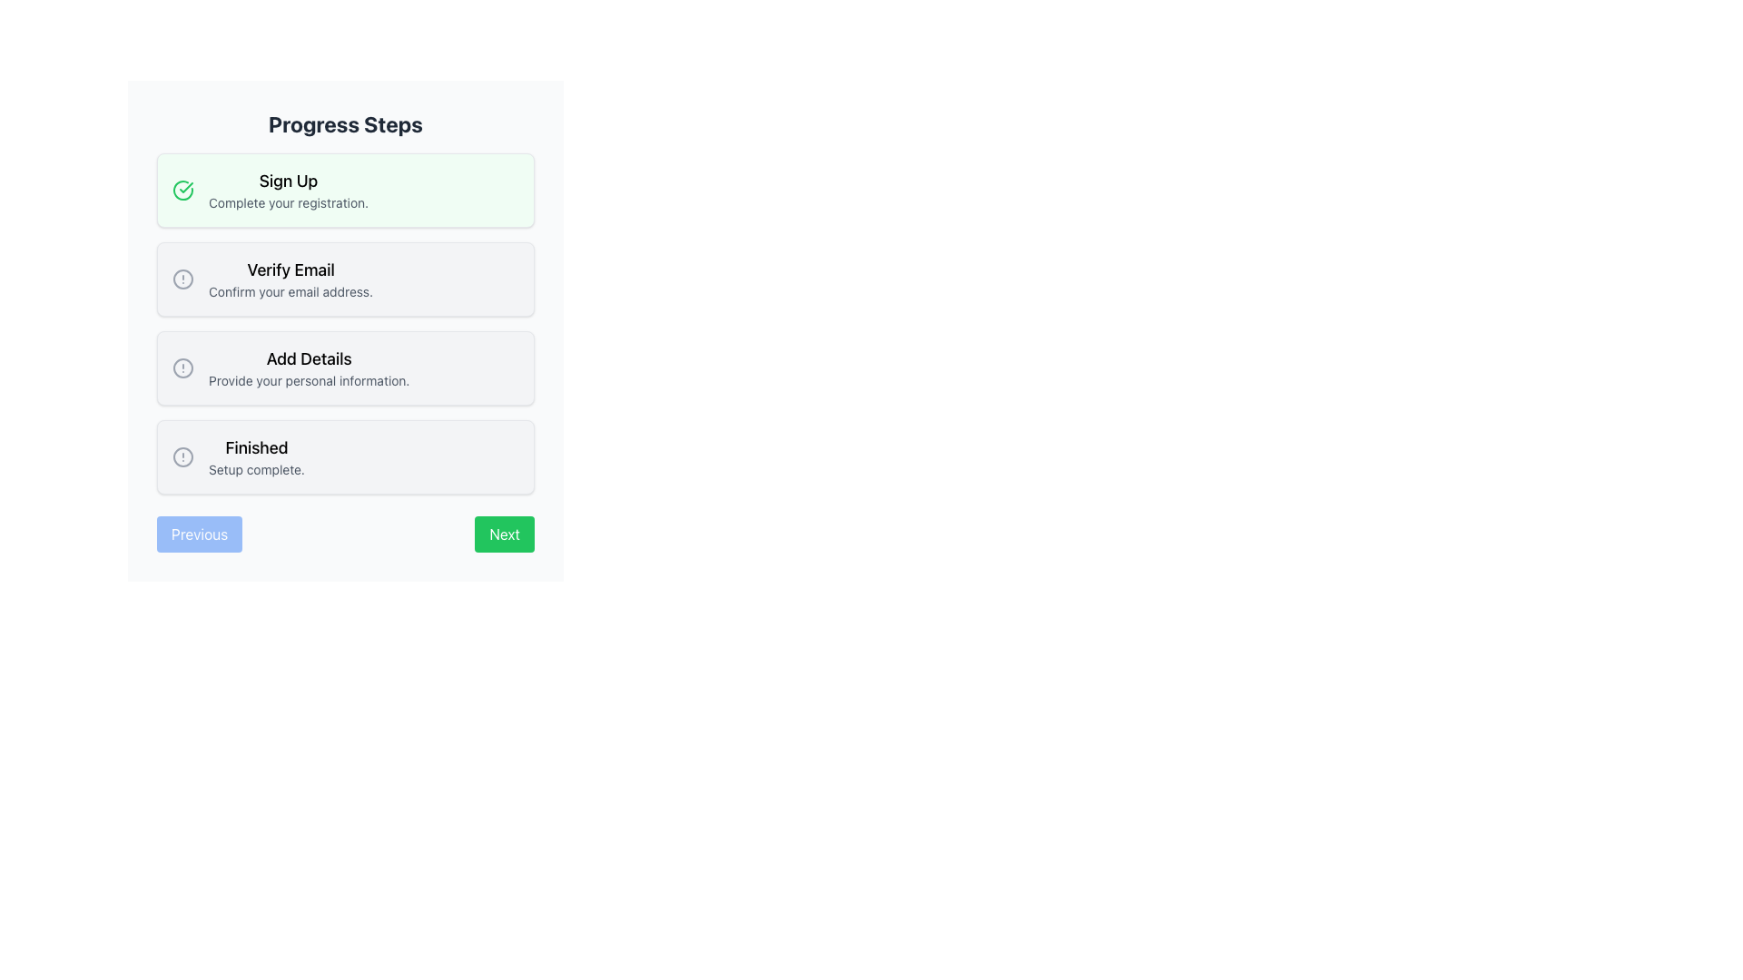 This screenshot has width=1743, height=980. Describe the element at coordinates (182, 190) in the screenshot. I see `the visual confirmation icon indicating that the 'Sign Up' step is complete, located at the top-left corner of the highlighted box containing 'Sign Up' and 'Complete your registration.'` at that location.